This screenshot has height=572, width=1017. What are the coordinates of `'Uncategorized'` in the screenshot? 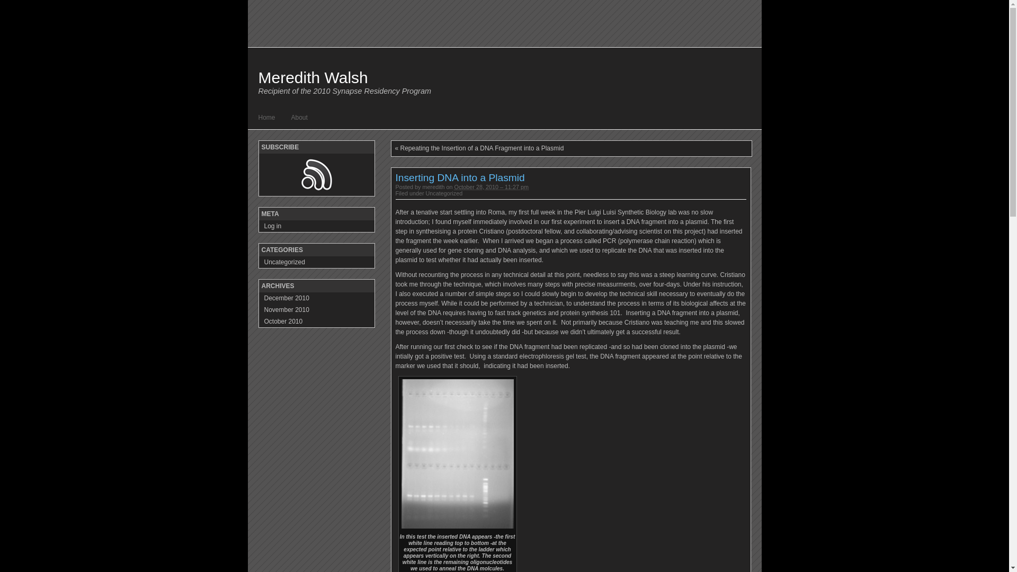 It's located at (426, 193).